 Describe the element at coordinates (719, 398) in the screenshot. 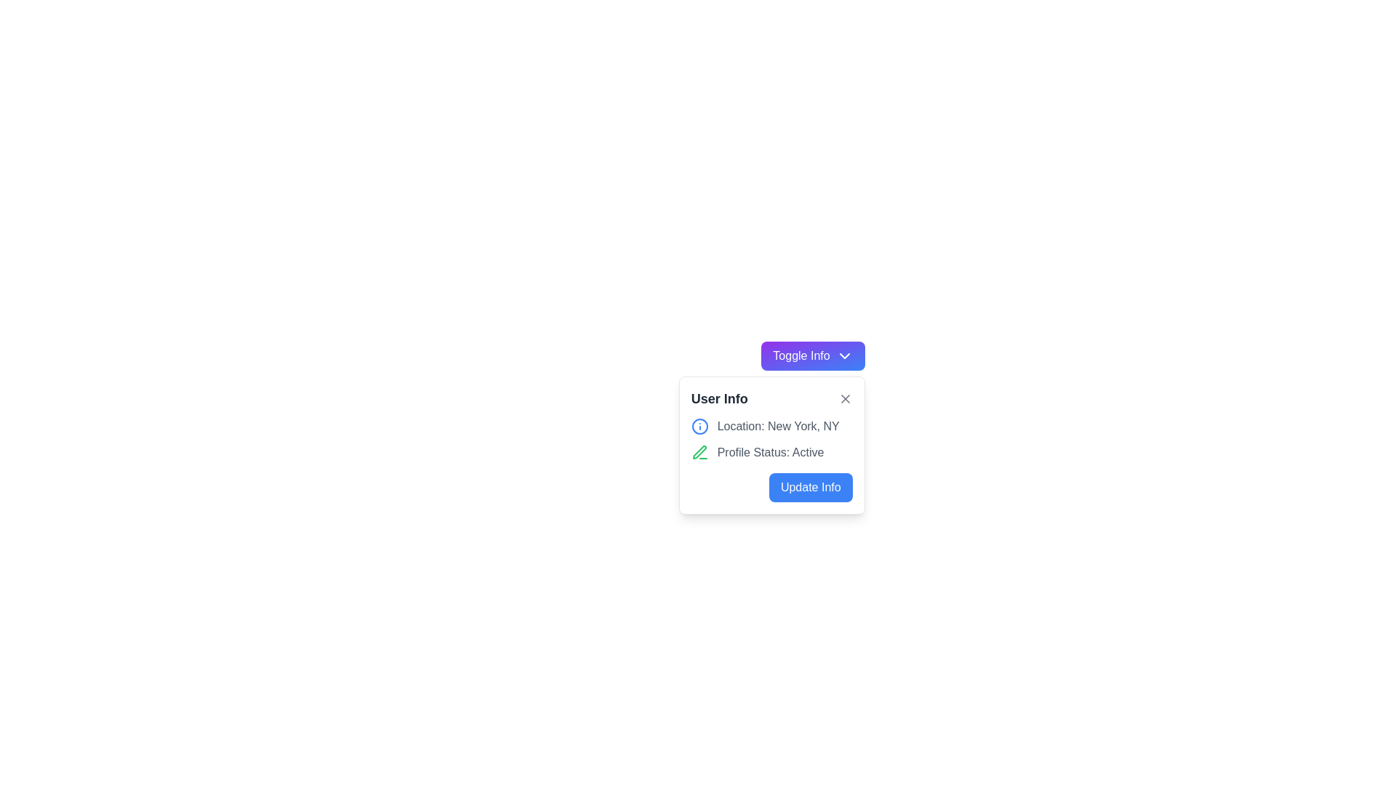

I see `the bold text label displaying 'User Info', located in the top section of a rectangular card-like component` at that location.